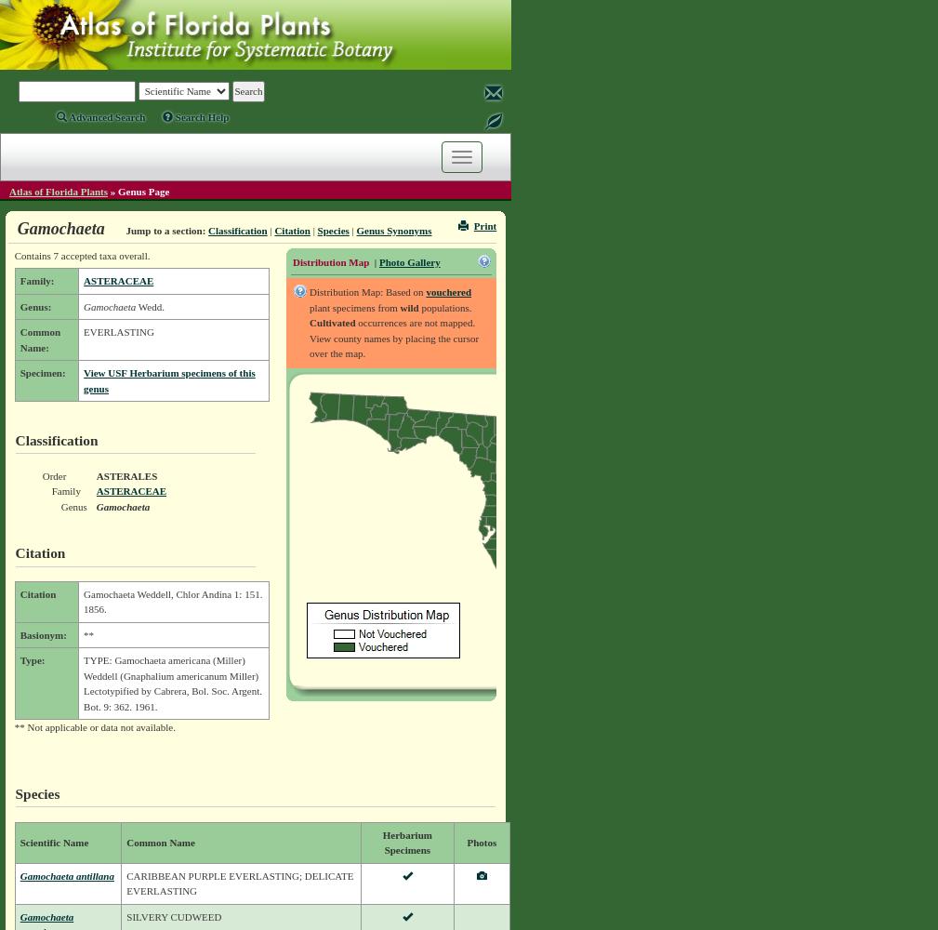 Image resolution: width=938 pixels, height=930 pixels. I want to click on 'Family:', so click(35, 281).